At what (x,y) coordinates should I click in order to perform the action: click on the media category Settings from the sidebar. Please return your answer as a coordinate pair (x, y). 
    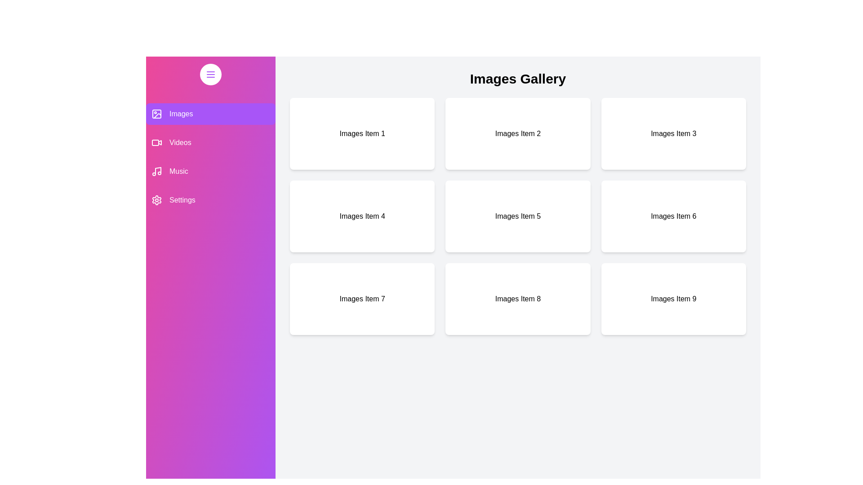
    Looking at the image, I should click on (210, 200).